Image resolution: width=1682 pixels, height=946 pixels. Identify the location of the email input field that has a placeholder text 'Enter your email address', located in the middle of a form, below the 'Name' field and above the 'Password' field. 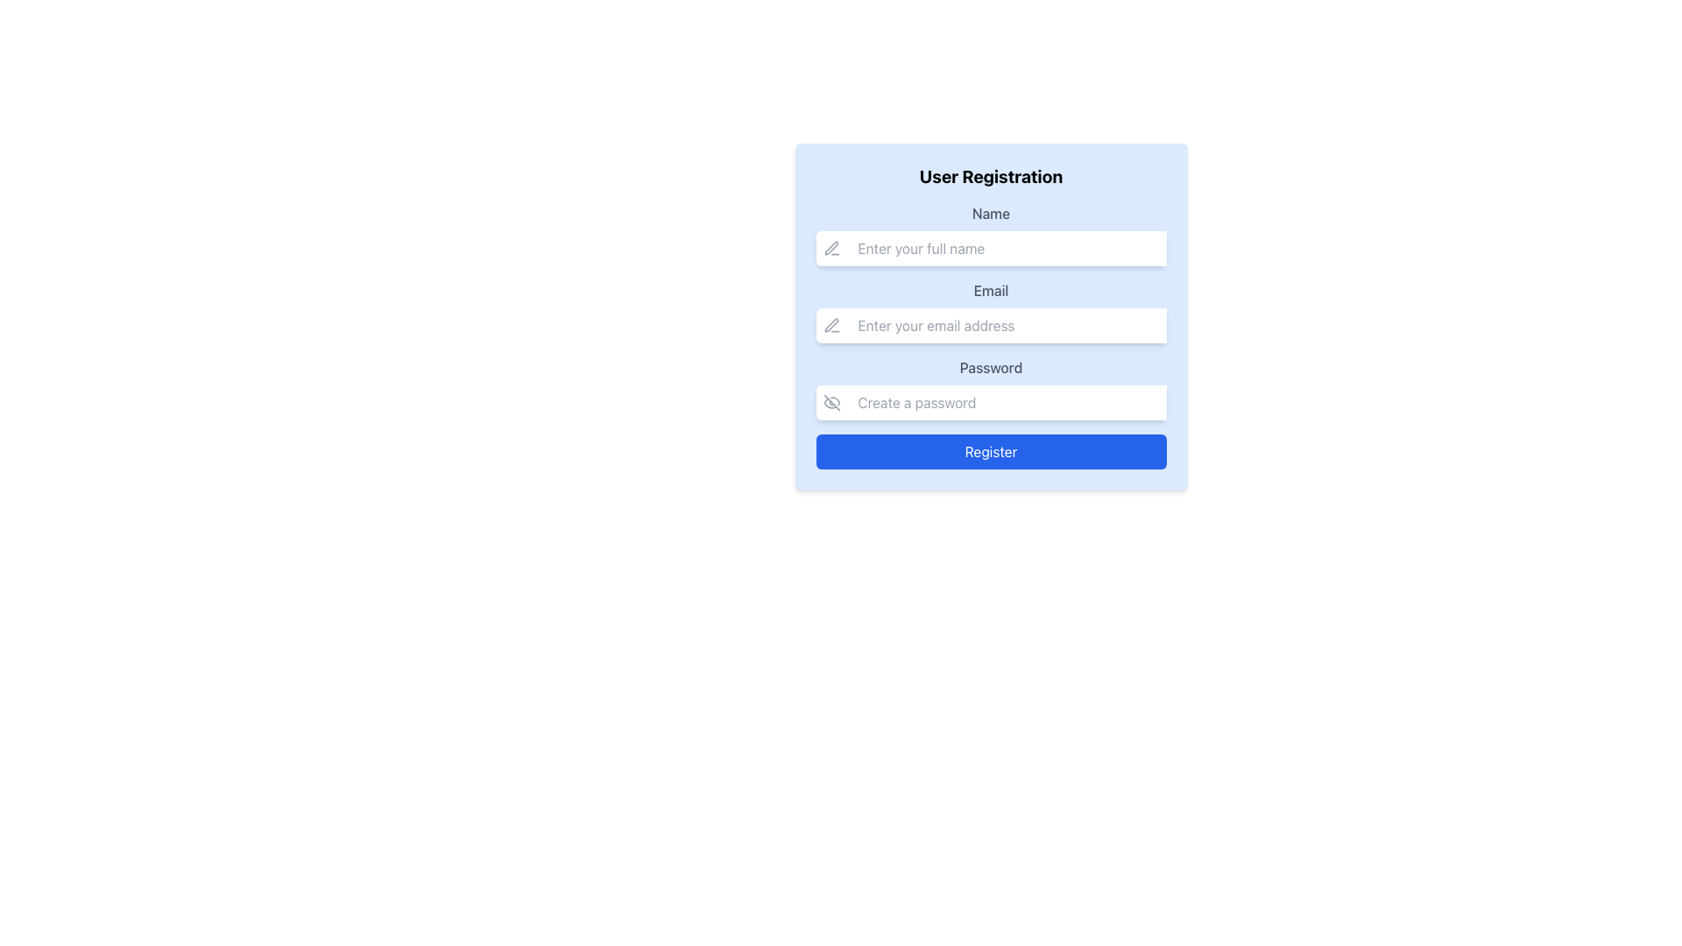
(1007, 325).